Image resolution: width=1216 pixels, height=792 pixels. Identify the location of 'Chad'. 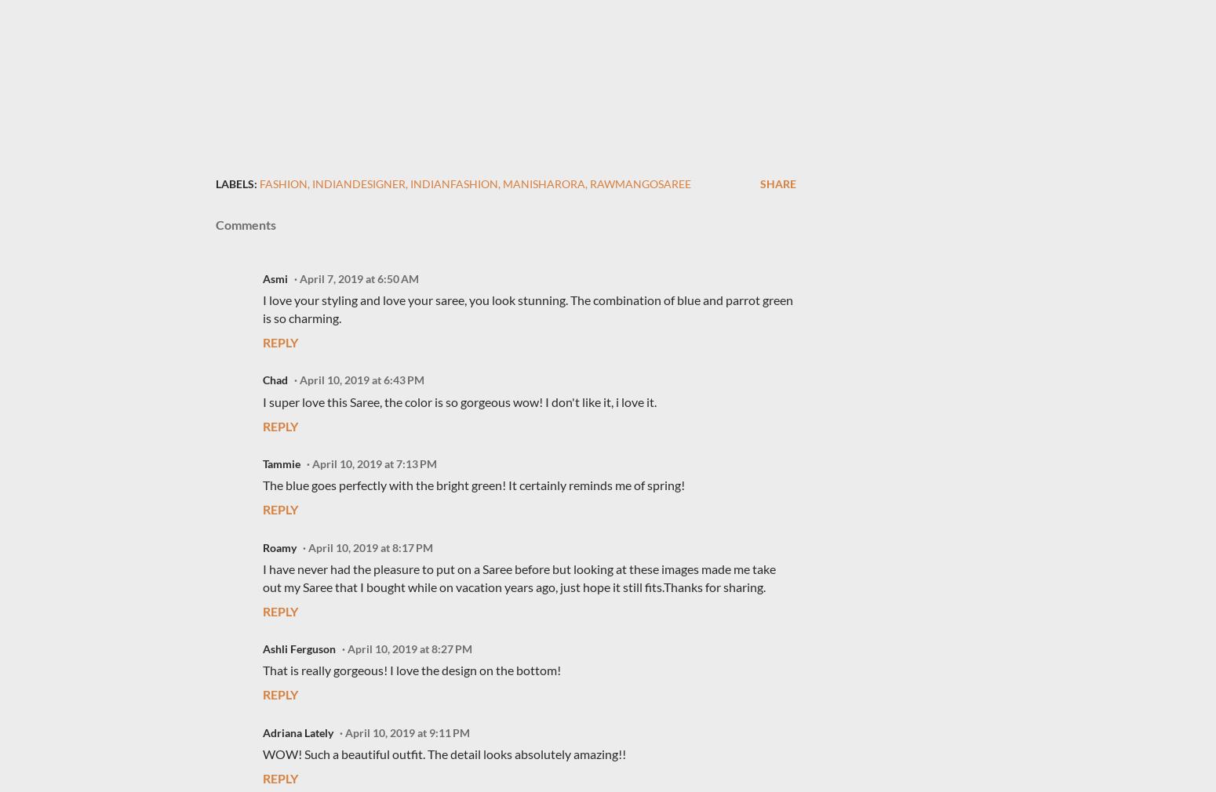
(275, 380).